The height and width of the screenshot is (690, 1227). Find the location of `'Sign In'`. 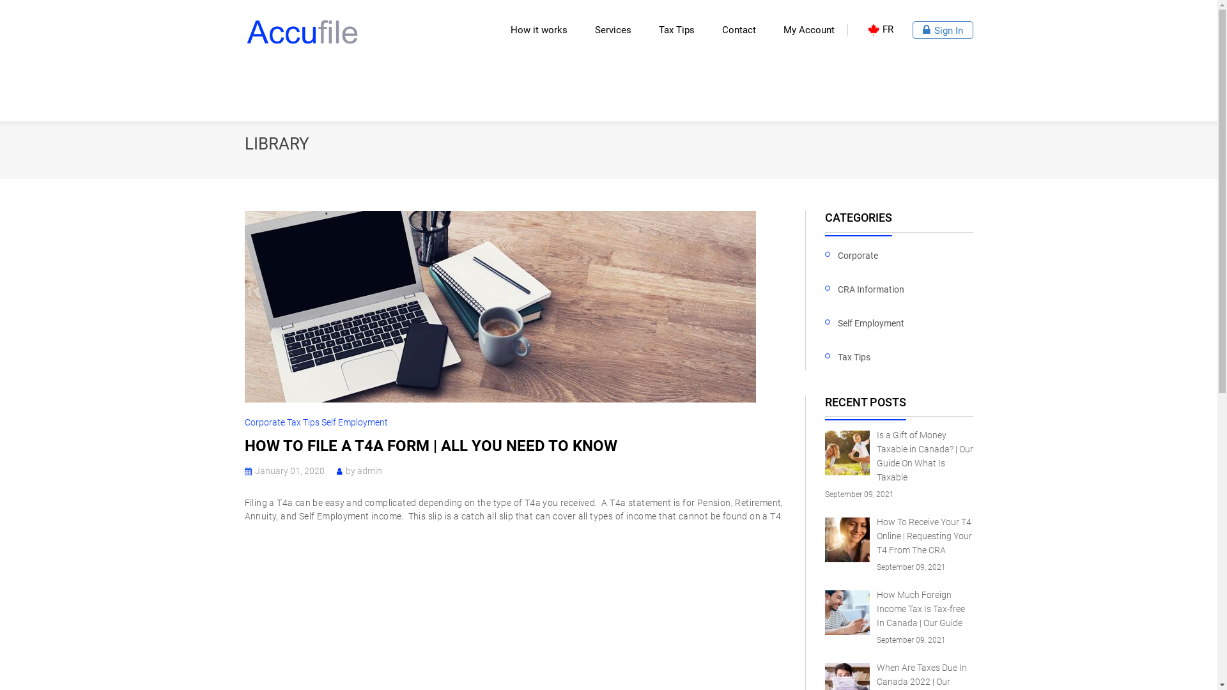

'Sign In' is located at coordinates (943, 29).